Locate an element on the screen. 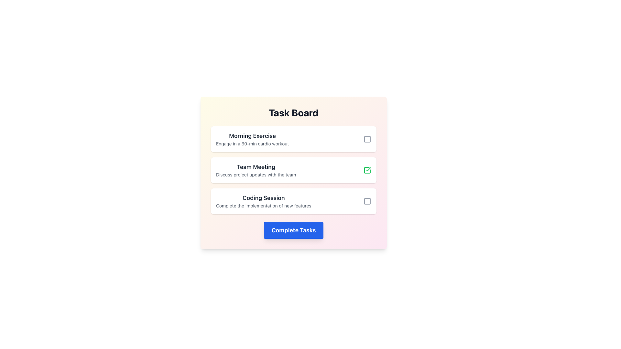  the text element reading 'Engage in a 30-min cardio workout', which is styled in gray and aligned beneath the 'Morning Exercise' heading is located at coordinates (252, 143).